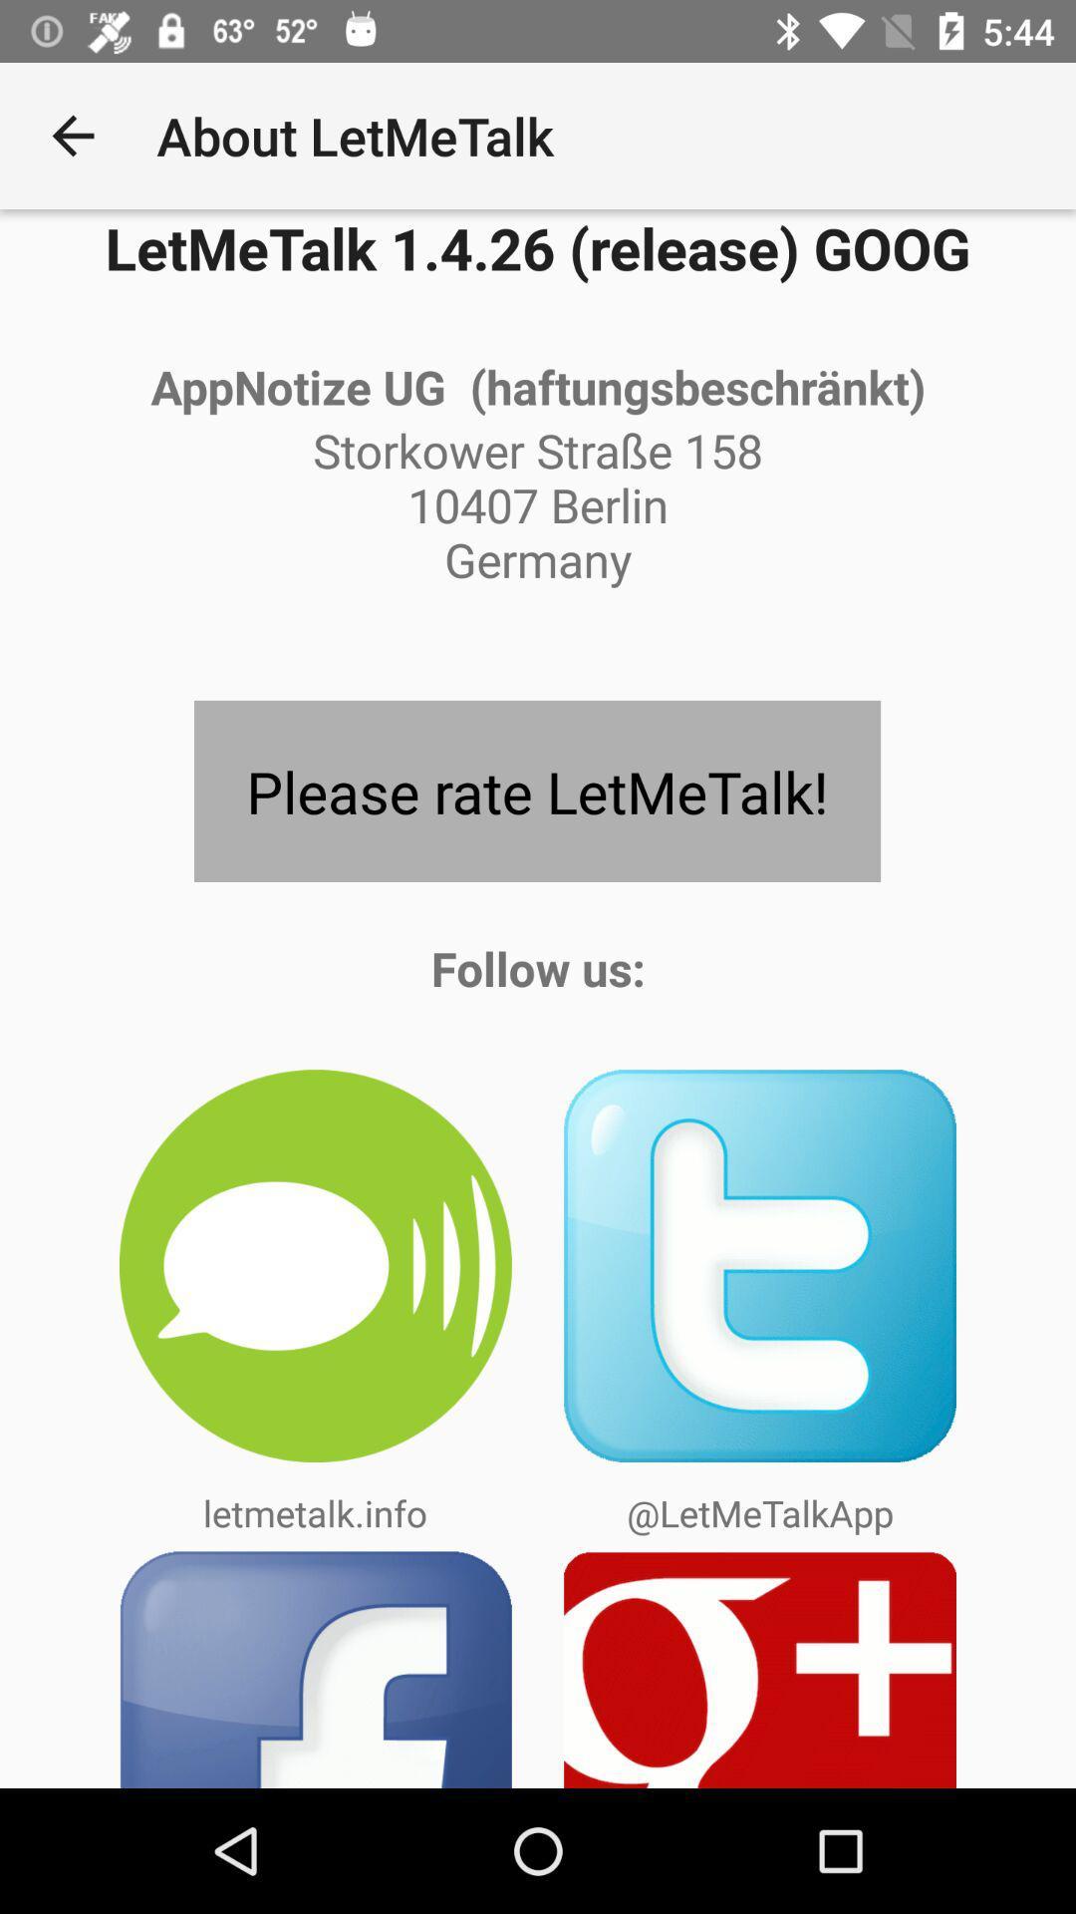 This screenshot has width=1076, height=1914. Describe the element at coordinates (760, 1265) in the screenshot. I see `the icon below` at that location.